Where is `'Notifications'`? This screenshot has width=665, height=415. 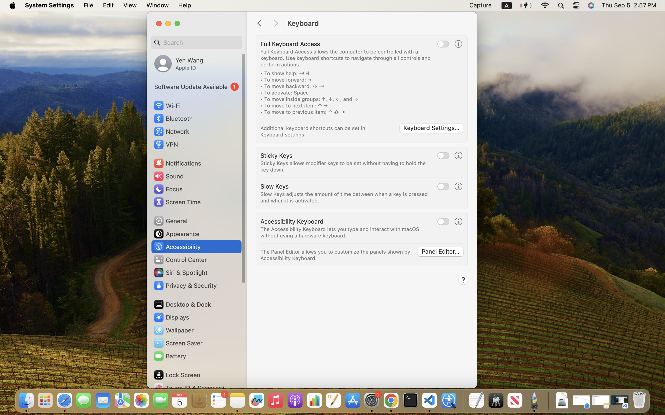
'Notifications' is located at coordinates (177, 163).